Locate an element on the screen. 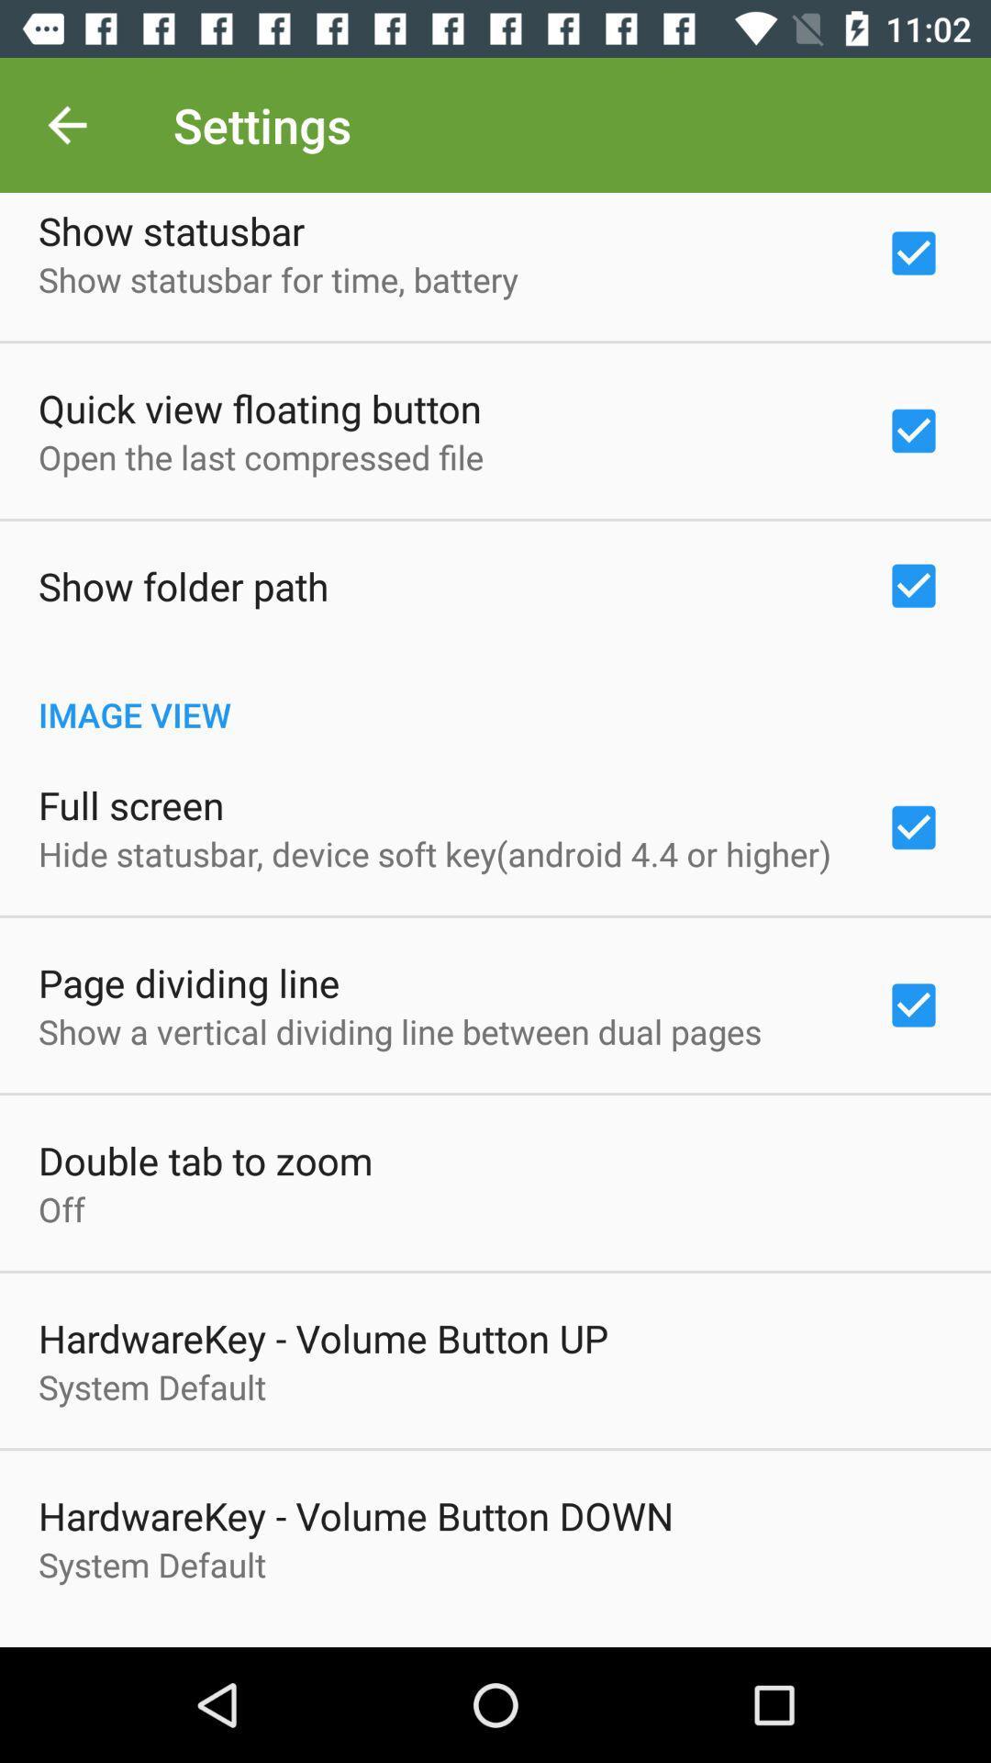  full screen item is located at coordinates (130, 804).